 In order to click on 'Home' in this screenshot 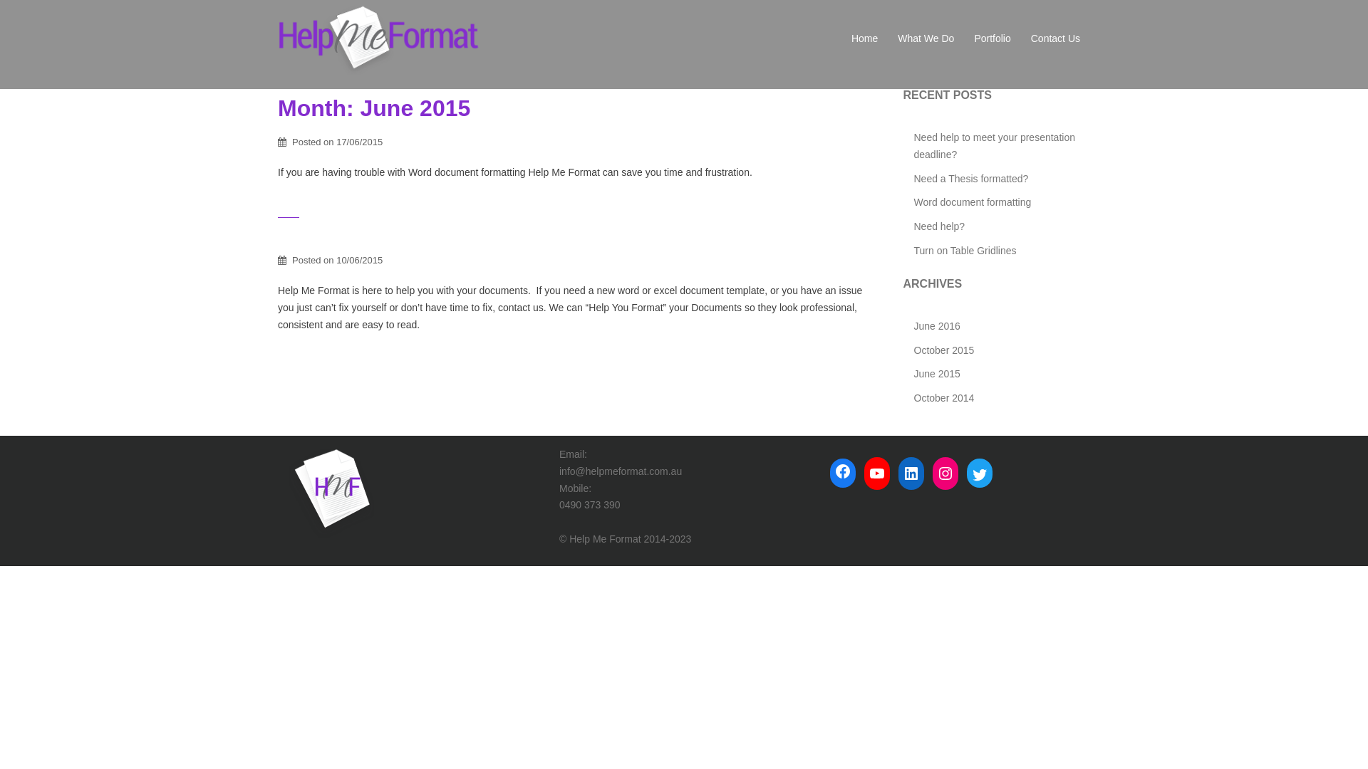, I will do `click(864, 38)`.